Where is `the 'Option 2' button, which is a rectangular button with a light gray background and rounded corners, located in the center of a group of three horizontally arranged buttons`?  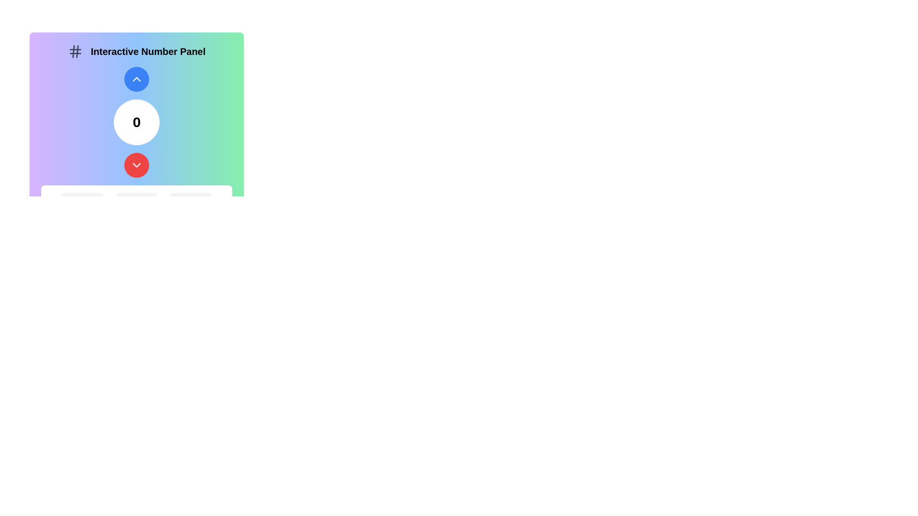
the 'Option 2' button, which is a rectangular button with a light gray background and rounded corners, located in the center of a group of three horizontally arranged buttons is located at coordinates (136, 201).